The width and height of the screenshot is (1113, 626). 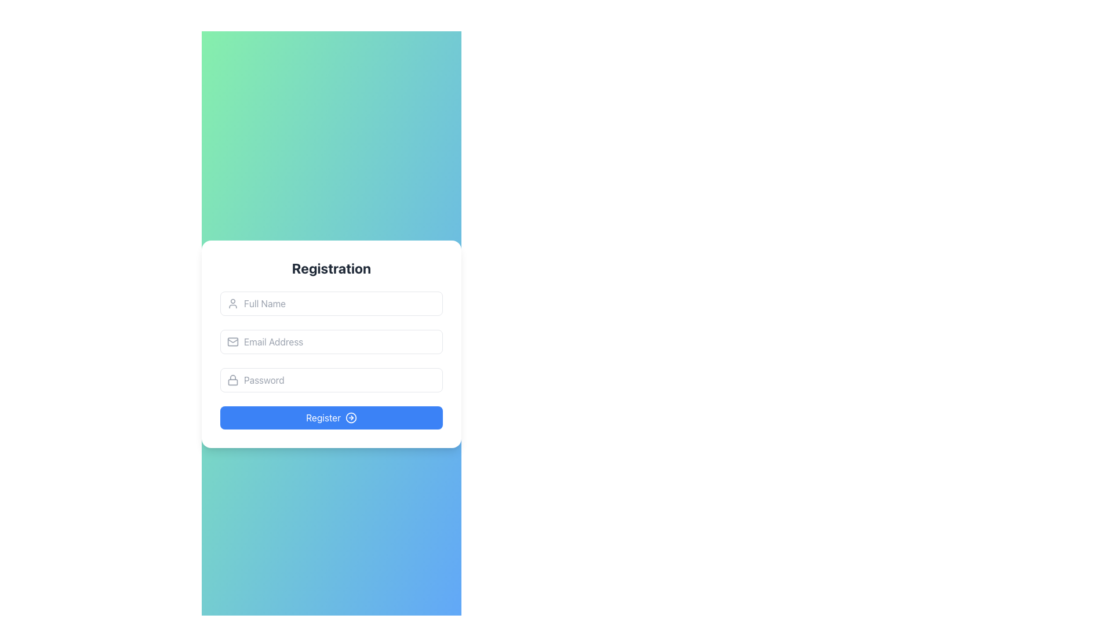 What do you see at coordinates (232, 380) in the screenshot?
I see `the security icon located to the left of the password input field, which indicates that the adjacent field is for entering a password` at bounding box center [232, 380].